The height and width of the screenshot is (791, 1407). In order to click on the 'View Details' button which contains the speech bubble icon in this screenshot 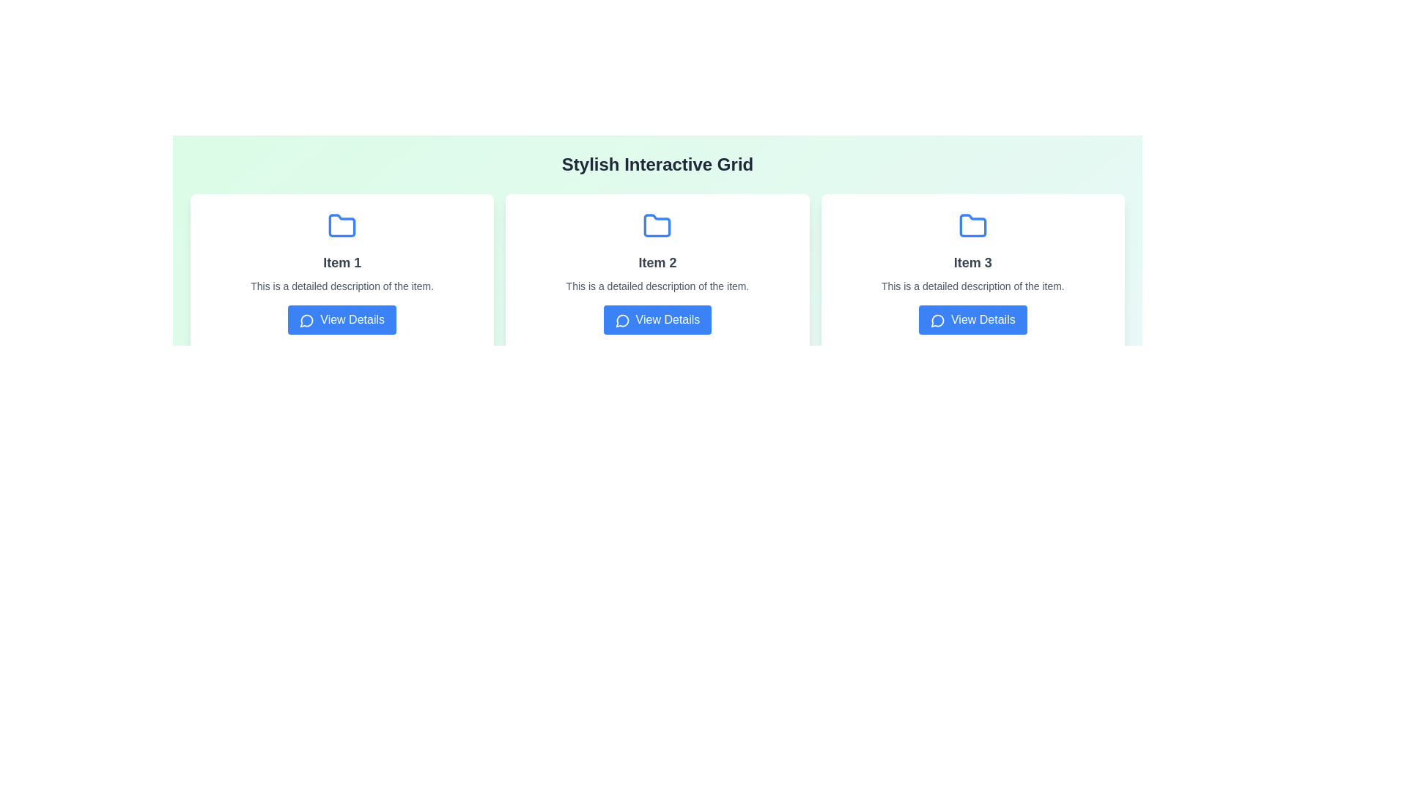, I will do `click(936, 320)`.